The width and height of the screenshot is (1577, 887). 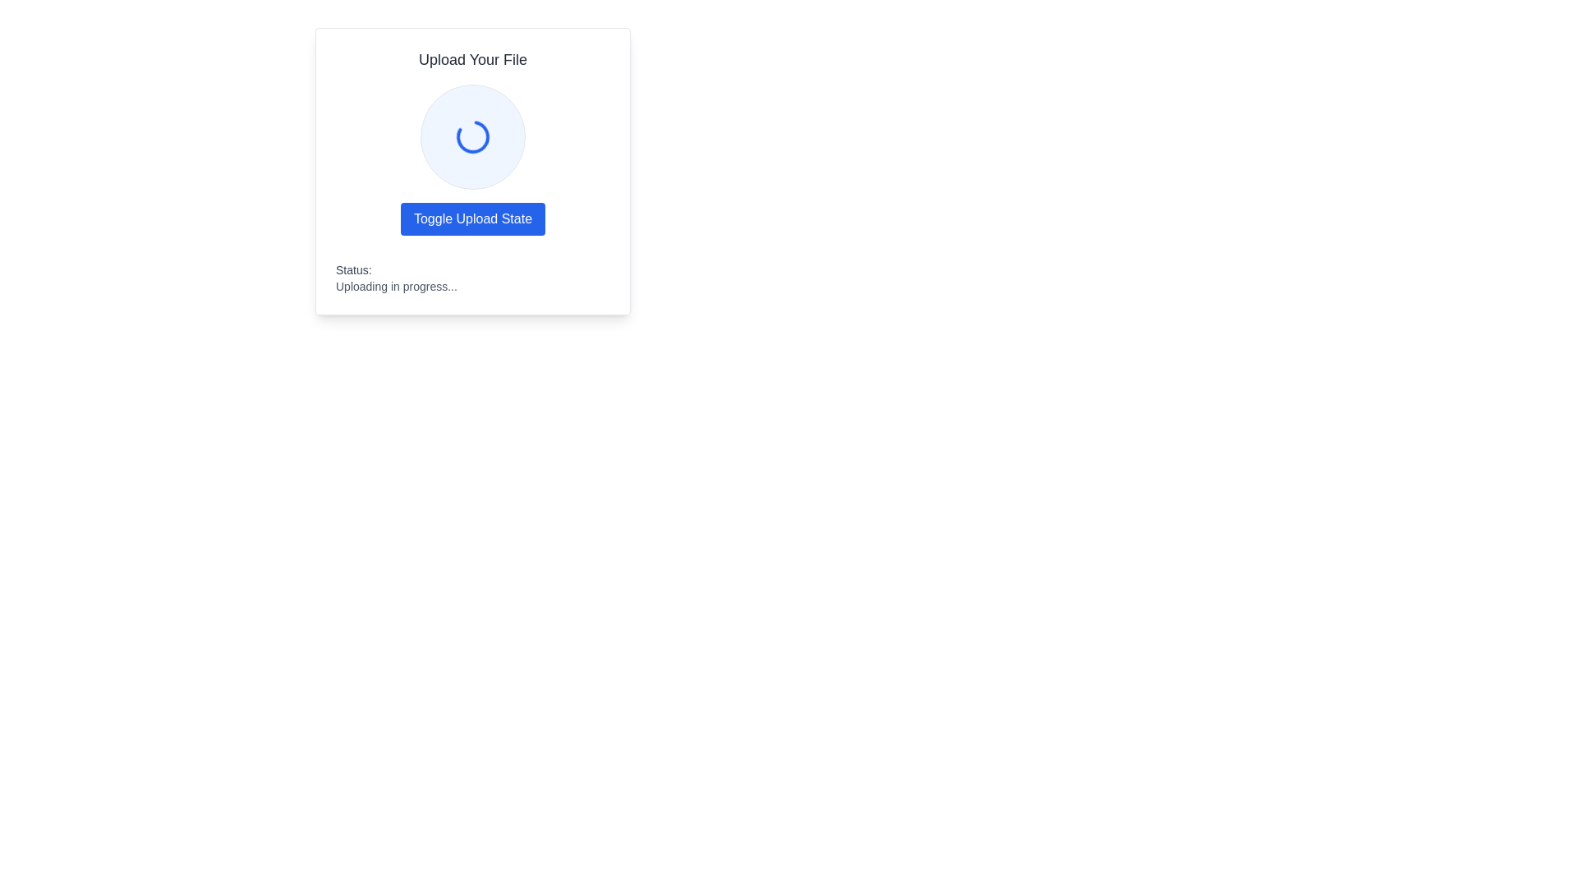 I want to click on the 'Toggle Upload State' button with white text on a blue background by, so click(x=472, y=218).